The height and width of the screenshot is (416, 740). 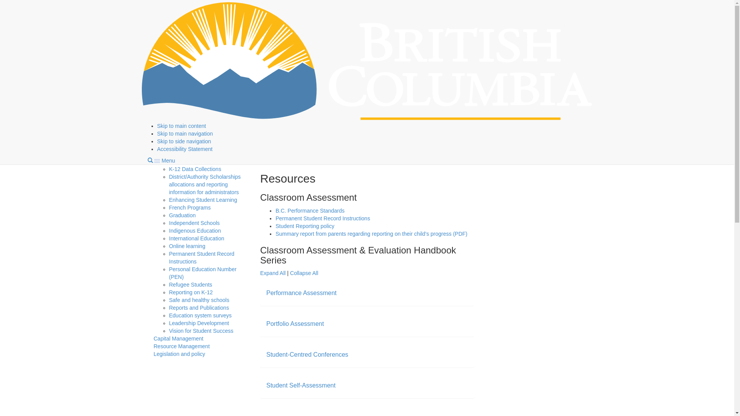 What do you see at coordinates (294, 324) in the screenshot?
I see `'Portfolio Assessment'` at bounding box center [294, 324].